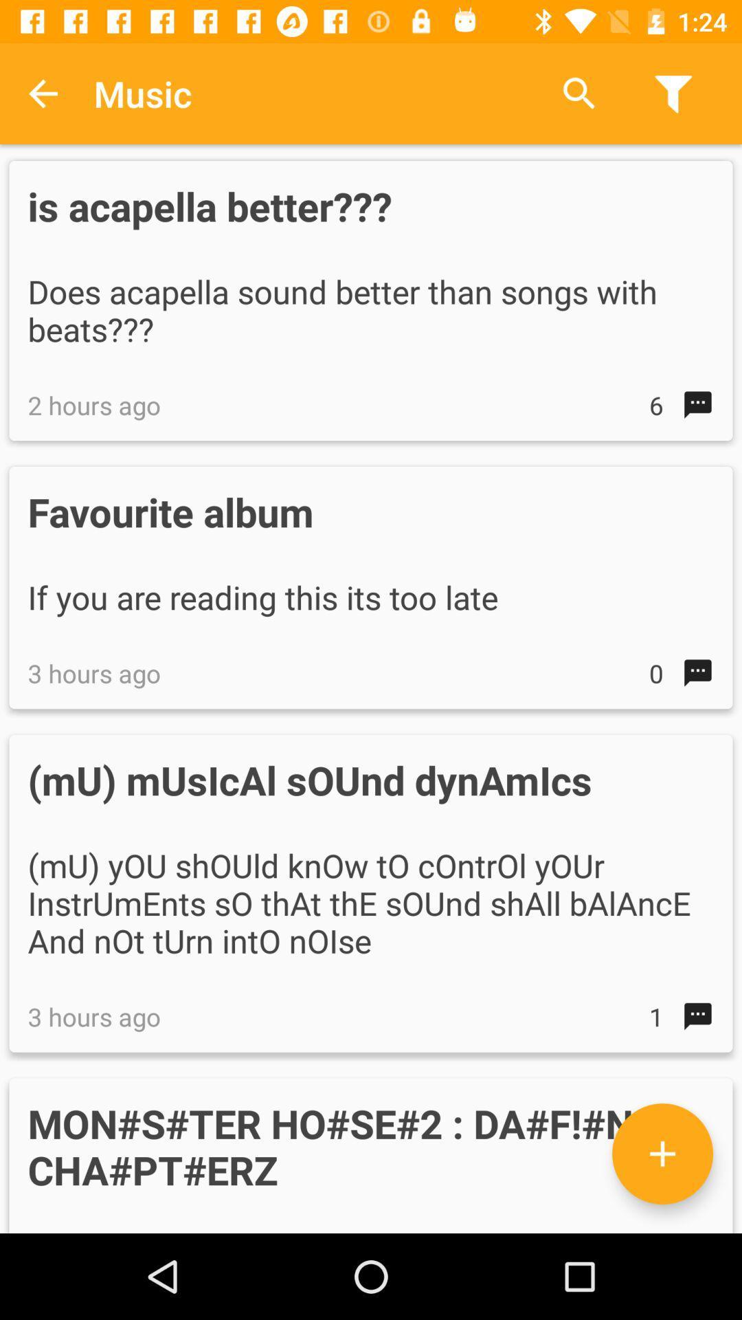  Describe the element at coordinates (662, 1154) in the screenshot. I see `other options` at that location.